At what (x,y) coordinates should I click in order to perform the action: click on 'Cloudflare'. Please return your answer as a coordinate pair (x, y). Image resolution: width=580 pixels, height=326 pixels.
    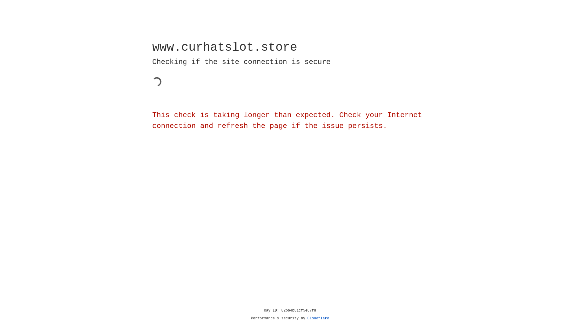
    Looking at the image, I should click on (307, 318).